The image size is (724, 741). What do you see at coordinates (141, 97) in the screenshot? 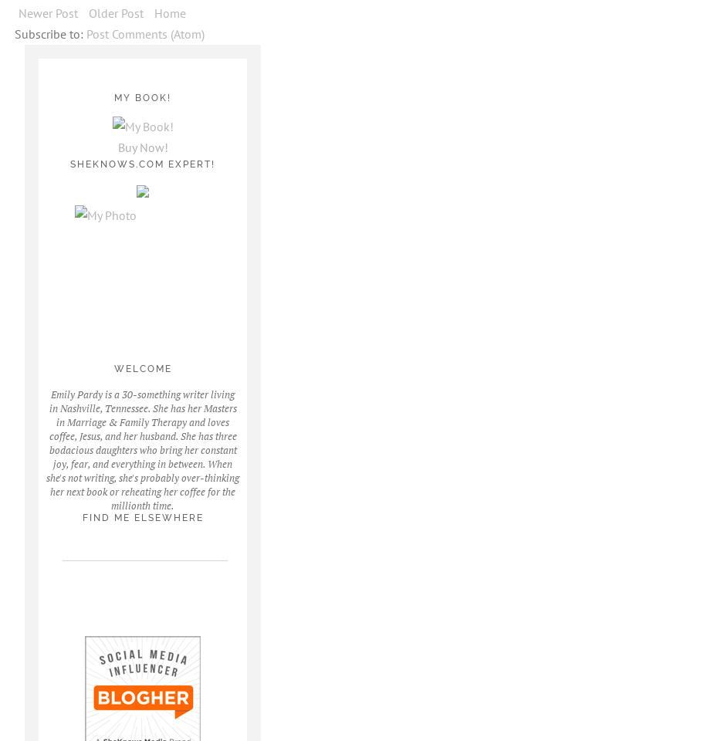
I see `'My Book!'` at bounding box center [141, 97].